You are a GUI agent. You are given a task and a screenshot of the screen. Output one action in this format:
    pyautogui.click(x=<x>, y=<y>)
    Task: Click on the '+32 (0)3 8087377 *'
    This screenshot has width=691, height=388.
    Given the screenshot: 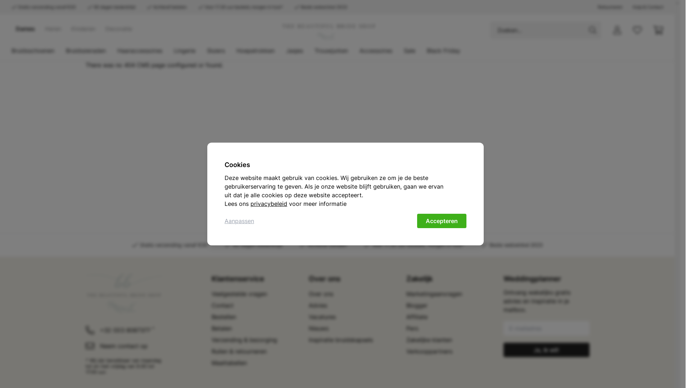 What is the action you would take?
    pyautogui.click(x=148, y=330)
    